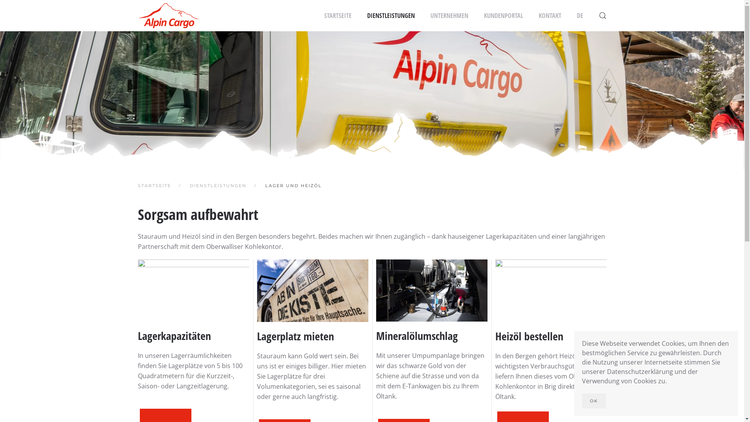 Image resolution: width=750 pixels, height=422 pixels. I want to click on 'UNTERNEHMEN', so click(449, 15).